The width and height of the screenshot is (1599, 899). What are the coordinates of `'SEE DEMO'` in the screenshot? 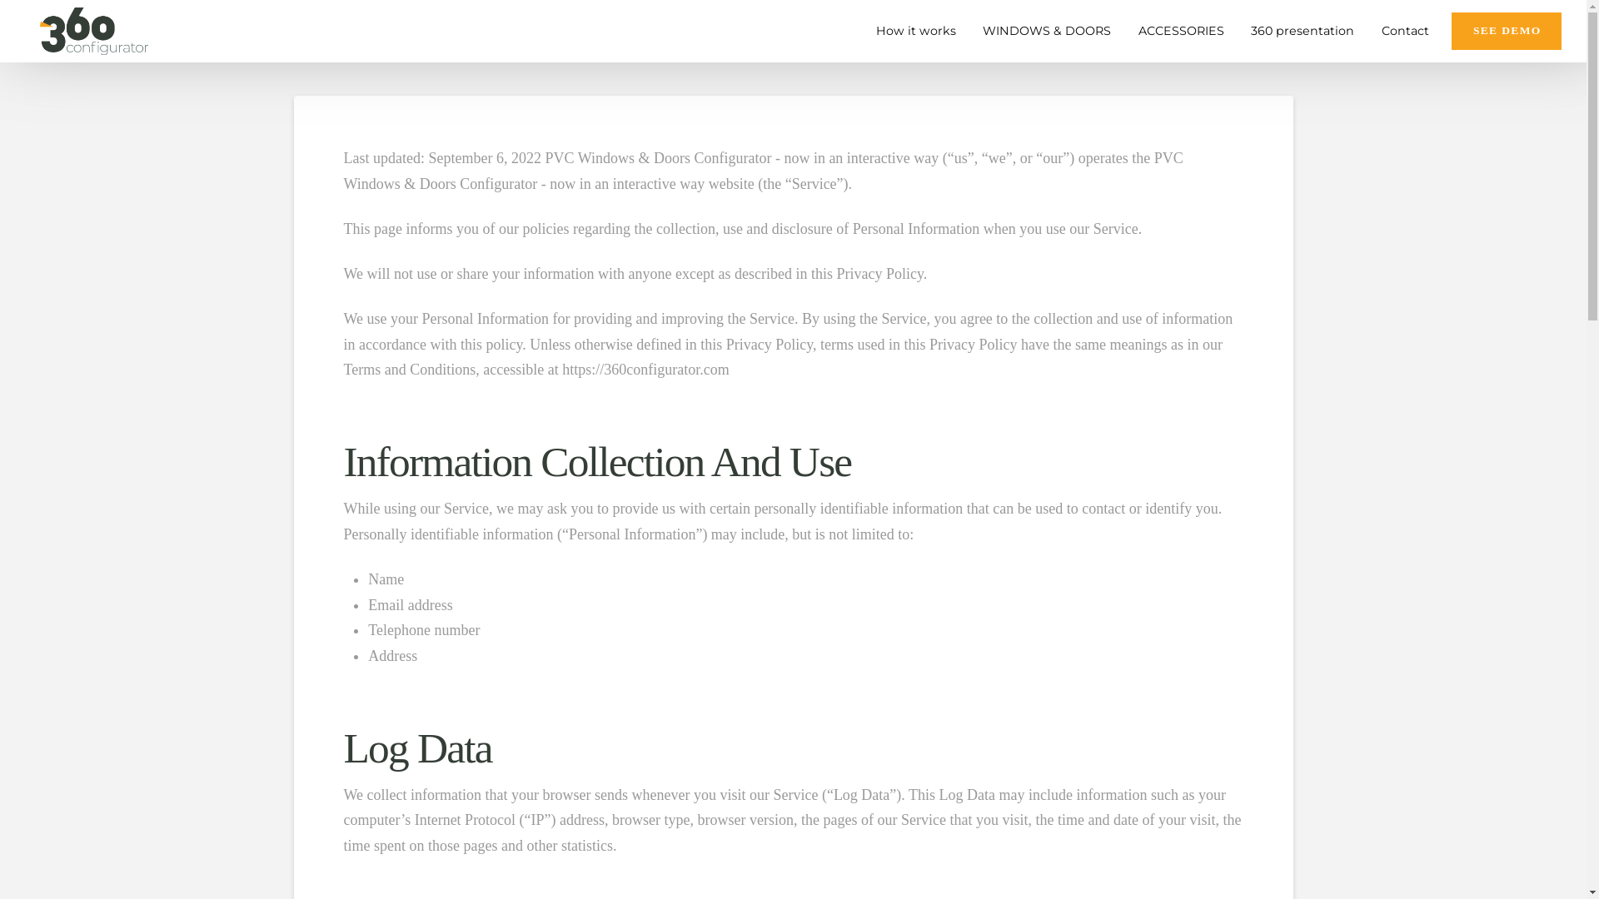 It's located at (1450, 31).